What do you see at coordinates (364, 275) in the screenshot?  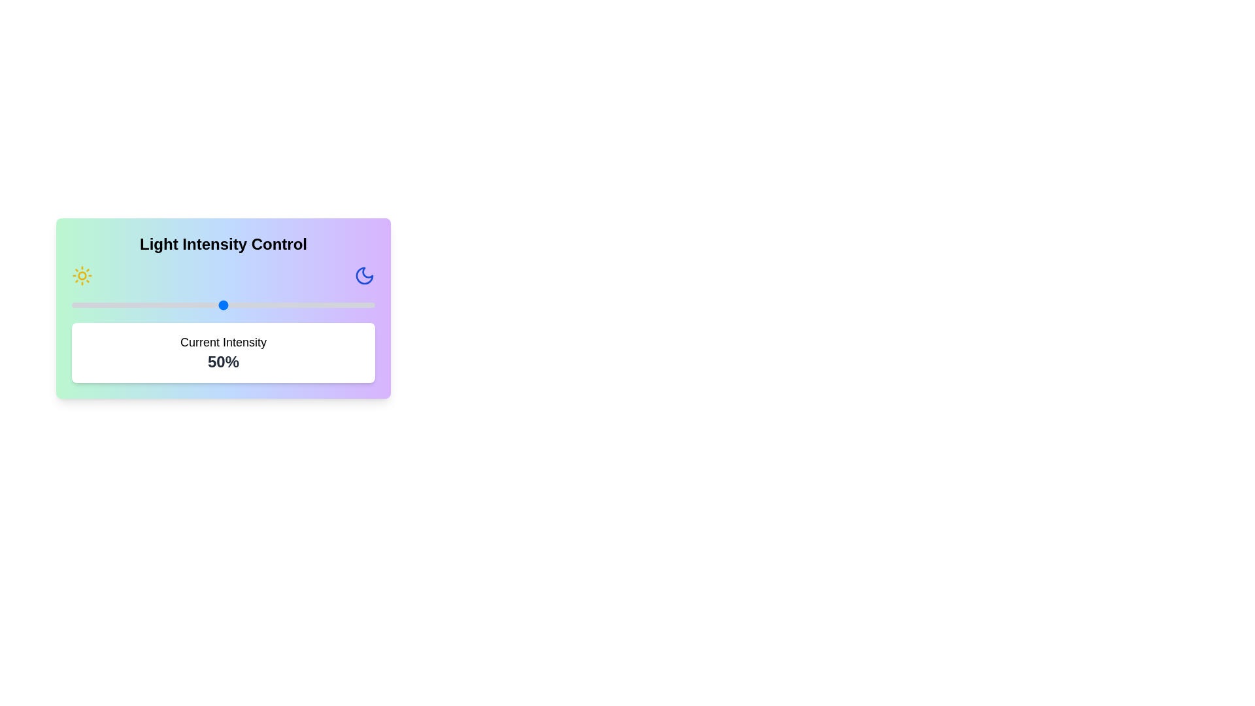 I see `the second icon` at bounding box center [364, 275].